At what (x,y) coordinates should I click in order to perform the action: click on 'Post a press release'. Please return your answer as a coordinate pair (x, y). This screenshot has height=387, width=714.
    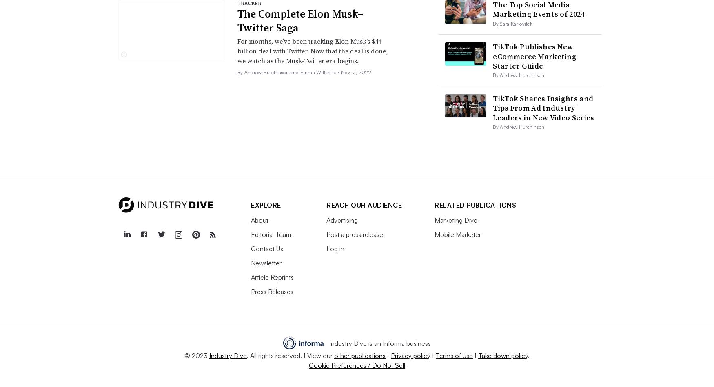
    Looking at the image, I should click on (355, 233).